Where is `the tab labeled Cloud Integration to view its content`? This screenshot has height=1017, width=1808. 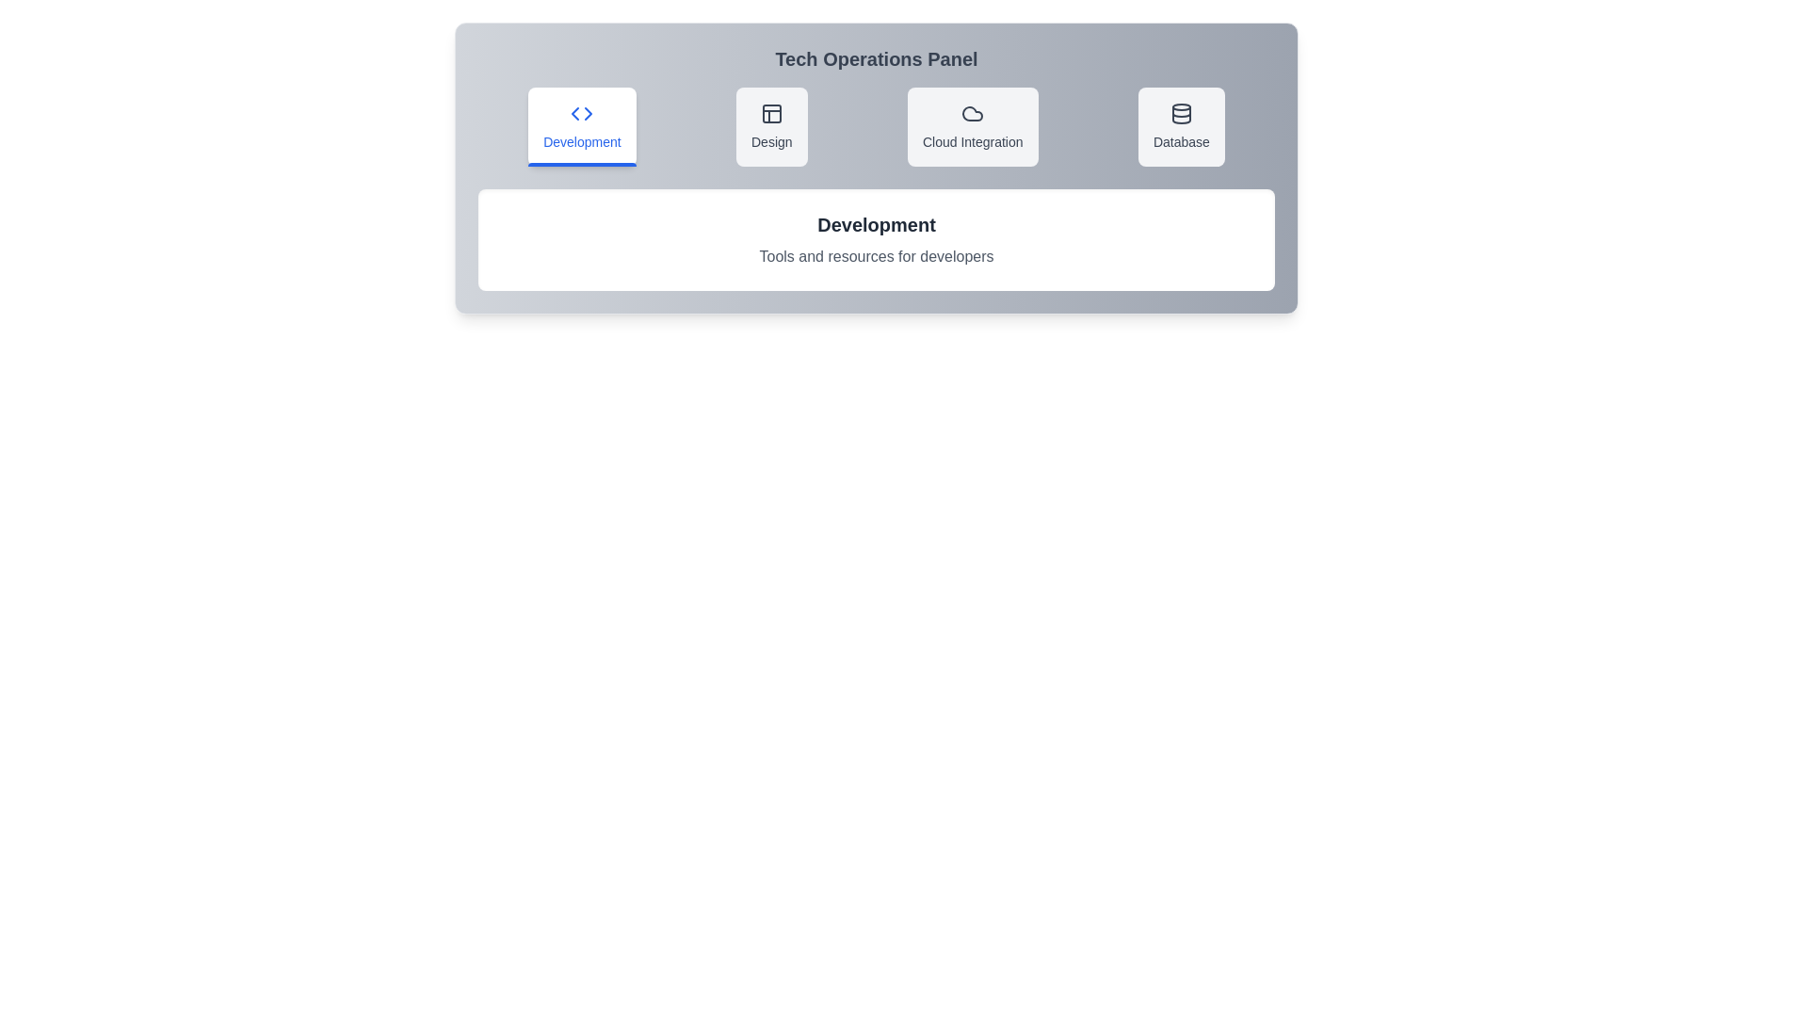 the tab labeled Cloud Integration to view its content is located at coordinates (972, 127).